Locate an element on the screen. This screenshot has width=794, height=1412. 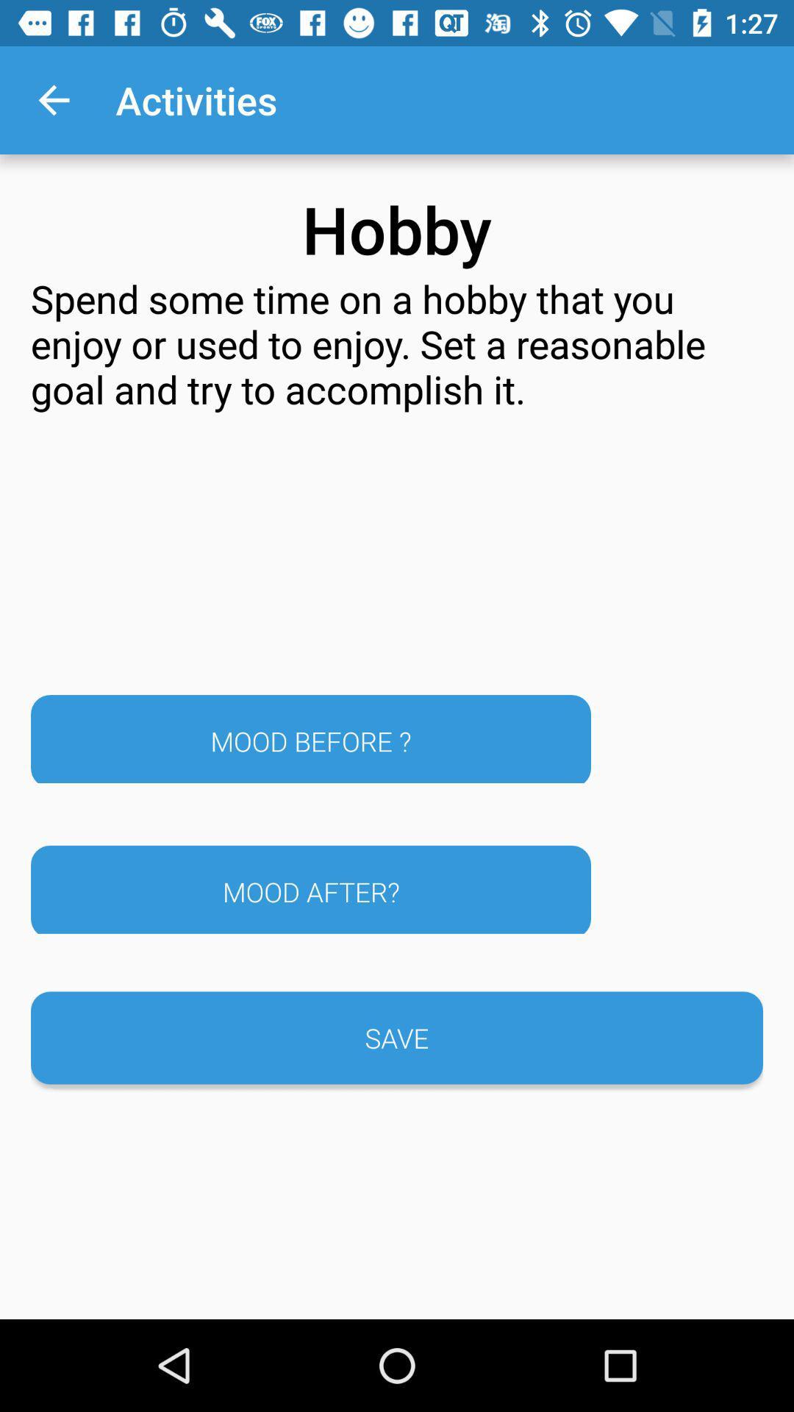
icon next to the activities icon is located at coordinates (53, 99).